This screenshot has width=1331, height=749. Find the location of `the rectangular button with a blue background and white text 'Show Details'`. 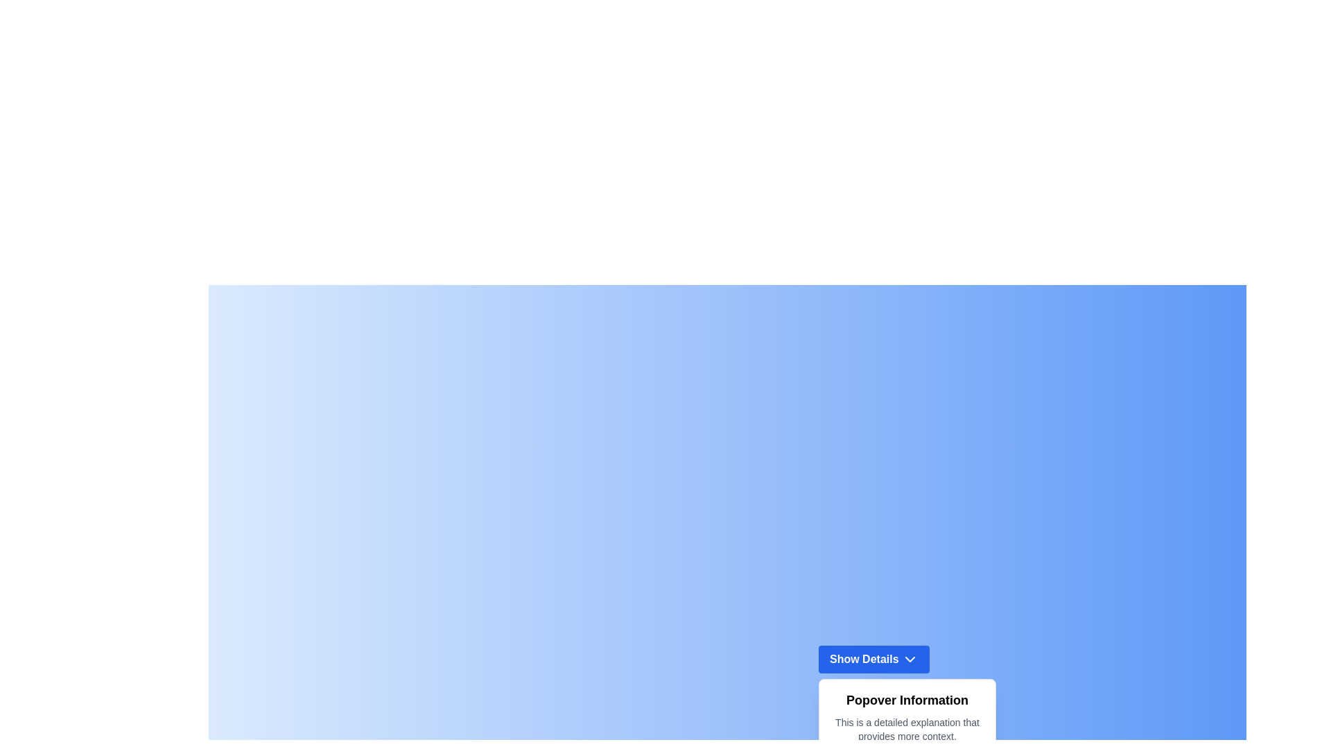

the rectangular button with a blue background and white text 'Show Details' is located at coordinates (873, 657).